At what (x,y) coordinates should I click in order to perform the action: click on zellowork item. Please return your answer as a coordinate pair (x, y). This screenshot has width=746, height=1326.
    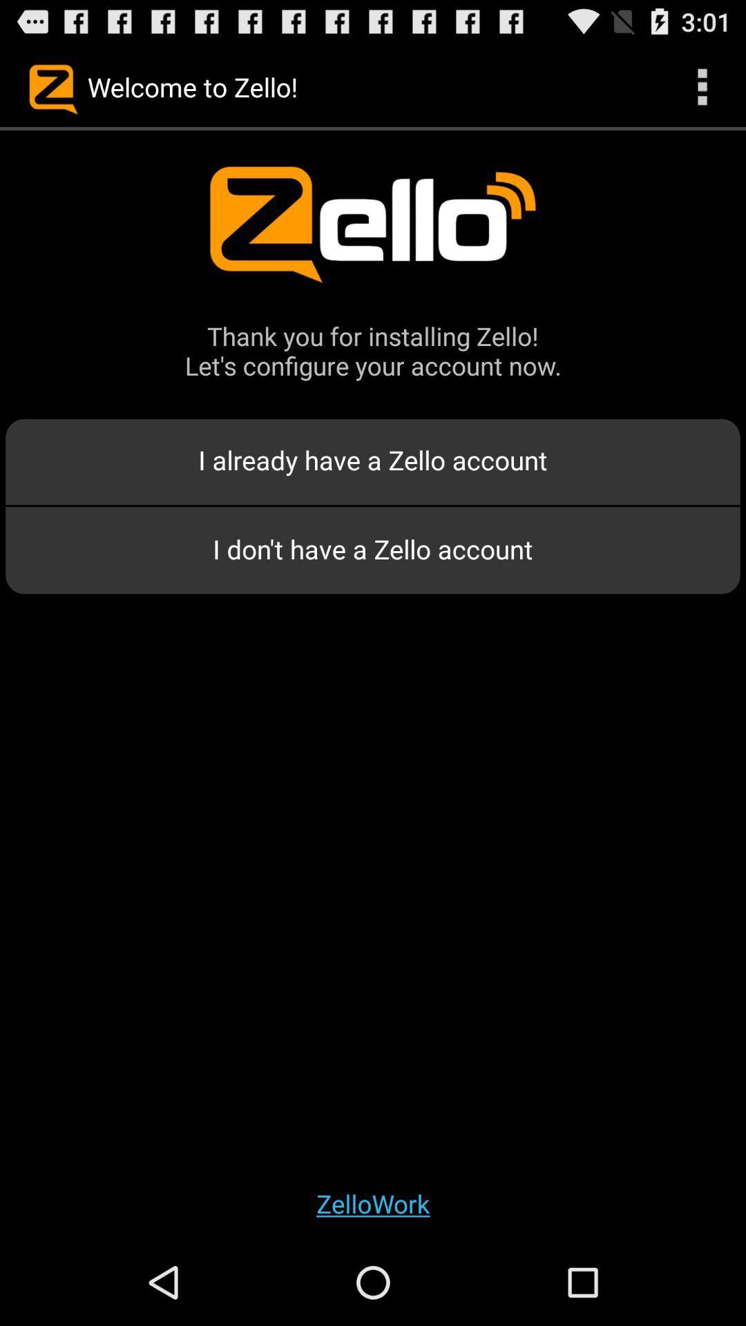
    Looking at the image, I should click on (373, 1202).